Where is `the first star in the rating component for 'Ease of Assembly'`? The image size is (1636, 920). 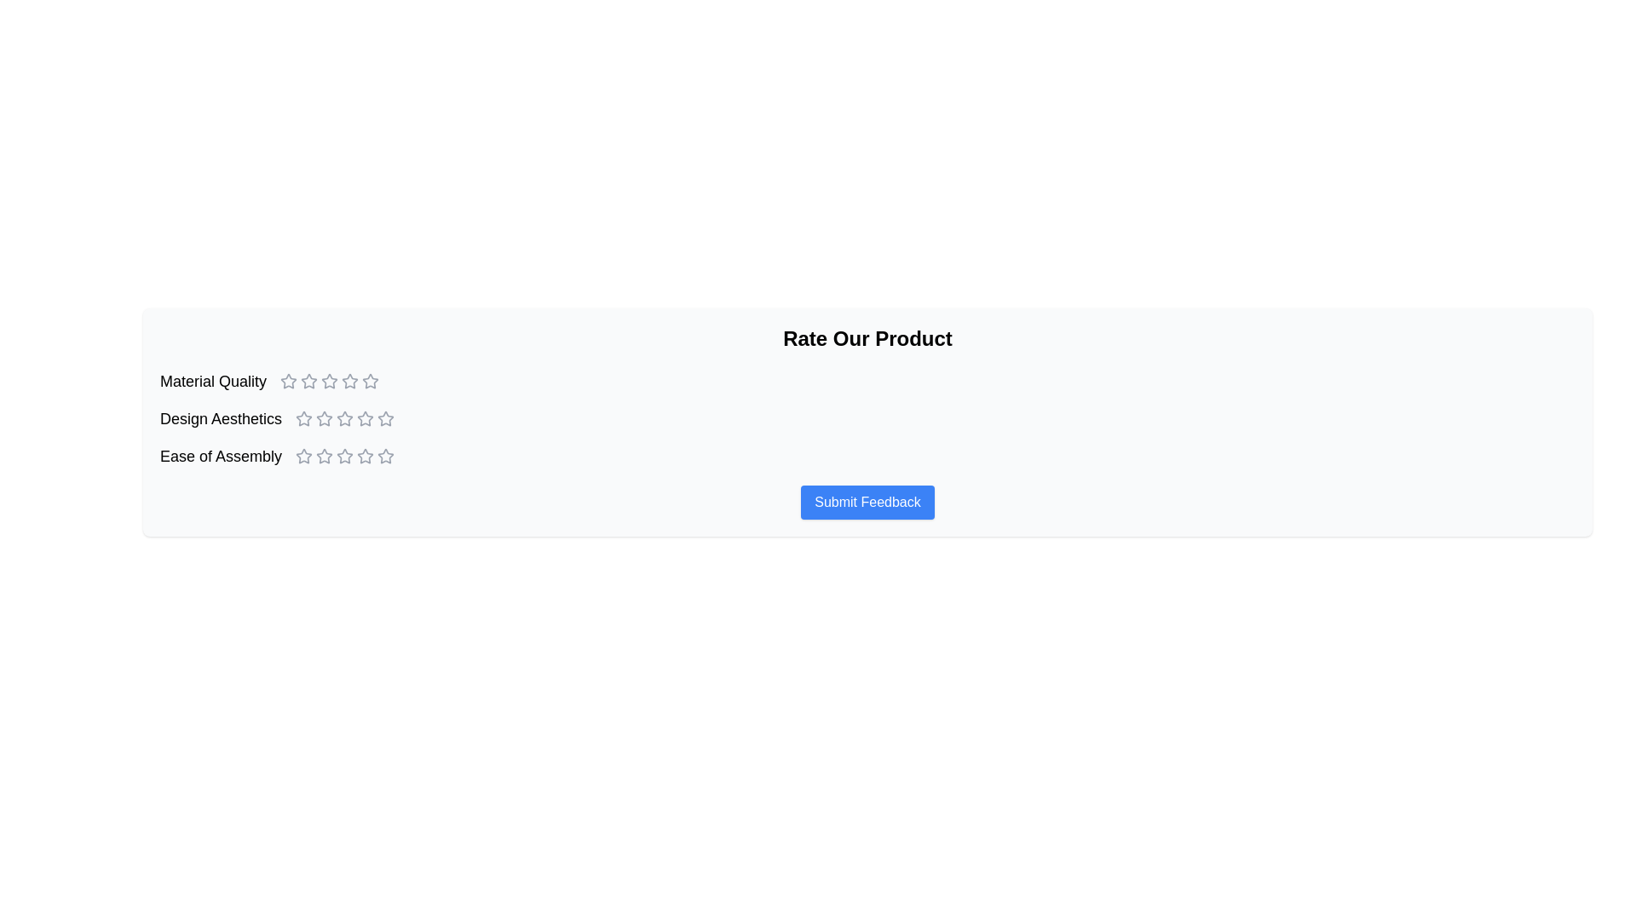 the first star in the rating component for 'Ease of Assembly' is located at coordinates (303, 456).